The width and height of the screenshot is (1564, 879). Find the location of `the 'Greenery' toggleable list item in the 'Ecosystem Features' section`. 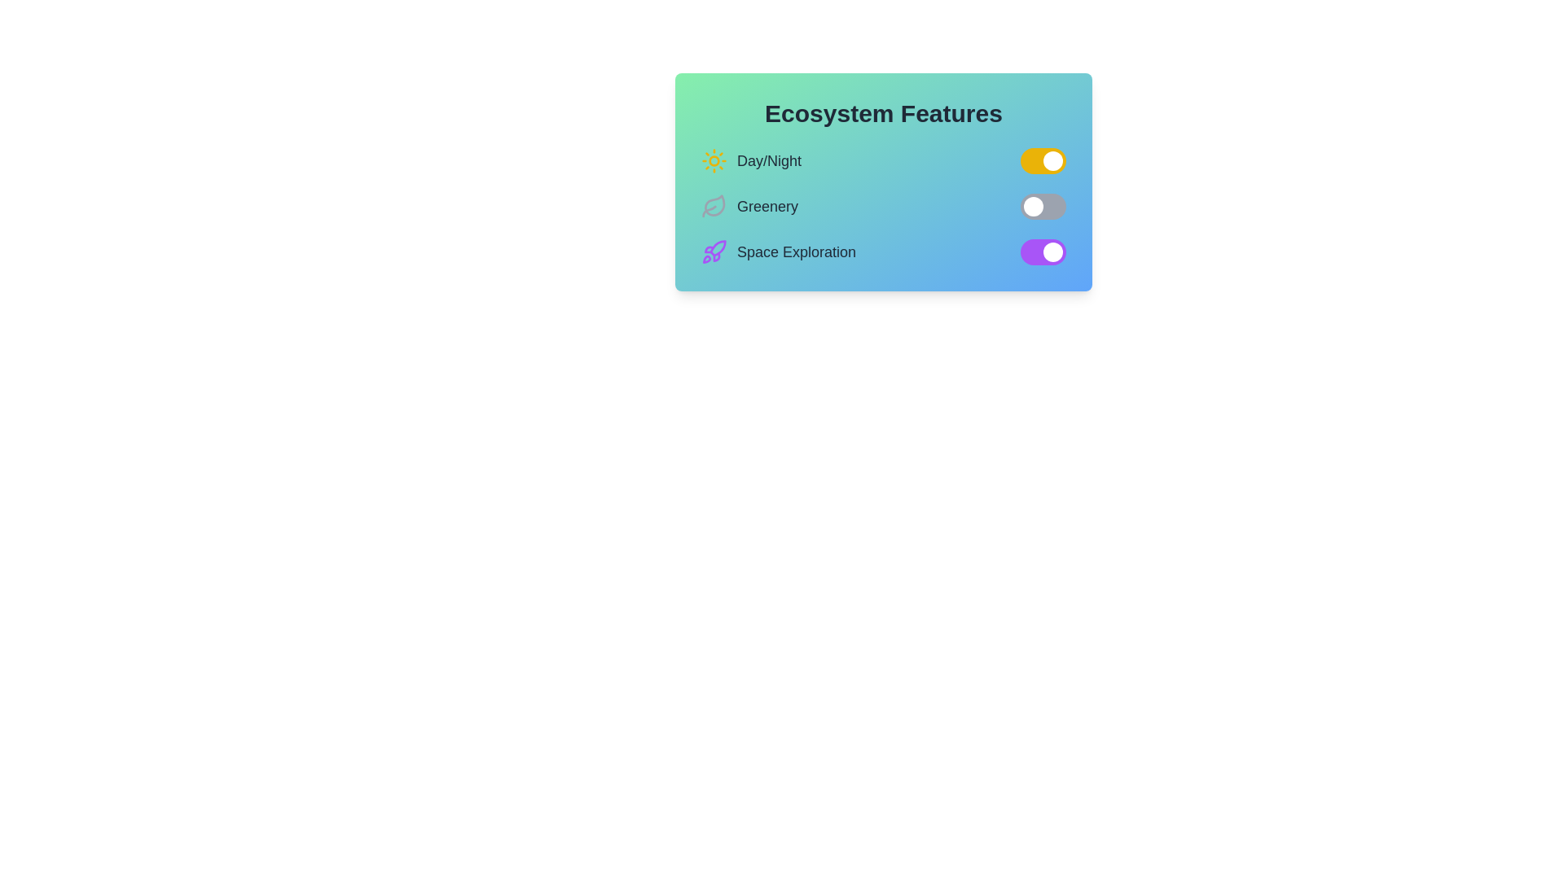

the 'Greenery' toggleable list item in the 'Ecosystem Features' section is located at coordinates (882, 206).